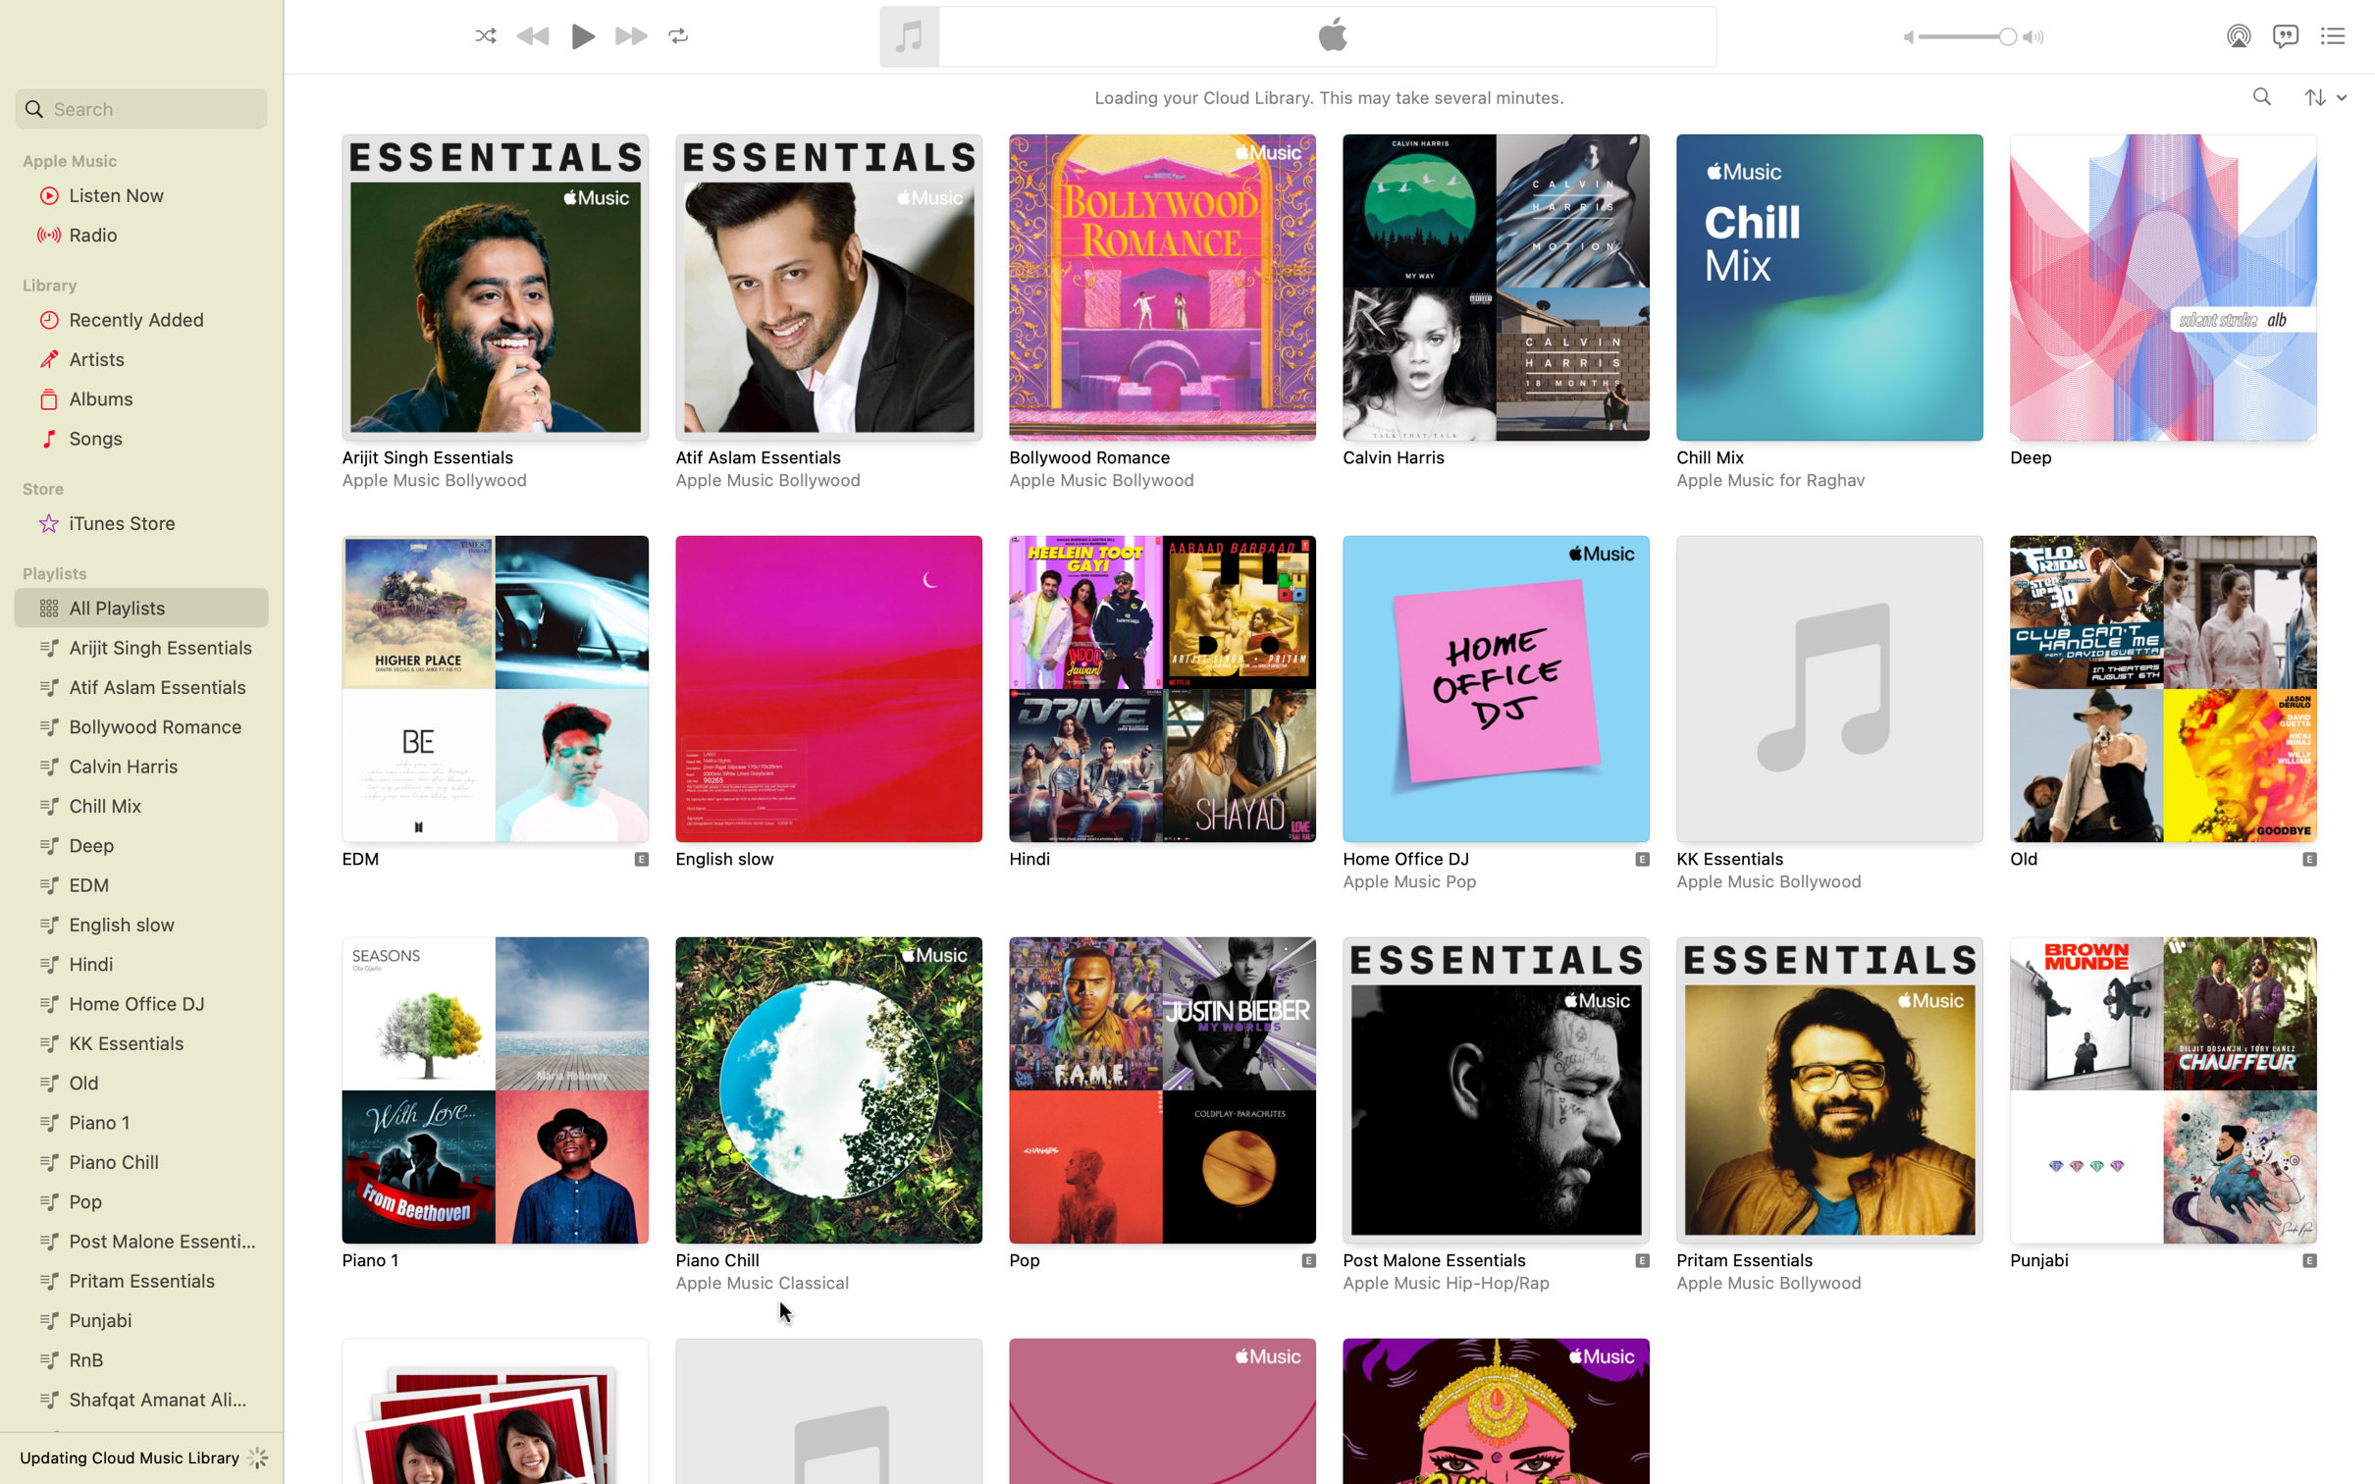  Describe the element at coordinates (2262, 97) in the screenshot. I see `Search for the artist "Adele` at that location.